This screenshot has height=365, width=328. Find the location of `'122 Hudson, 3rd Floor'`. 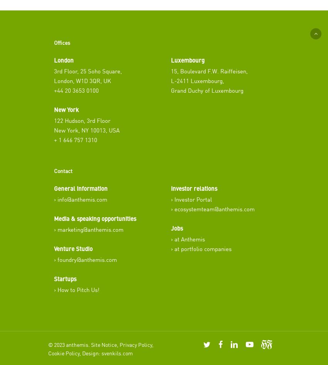

'122 Hudson, 3rd Floor' is located at coordinates (82, 120).